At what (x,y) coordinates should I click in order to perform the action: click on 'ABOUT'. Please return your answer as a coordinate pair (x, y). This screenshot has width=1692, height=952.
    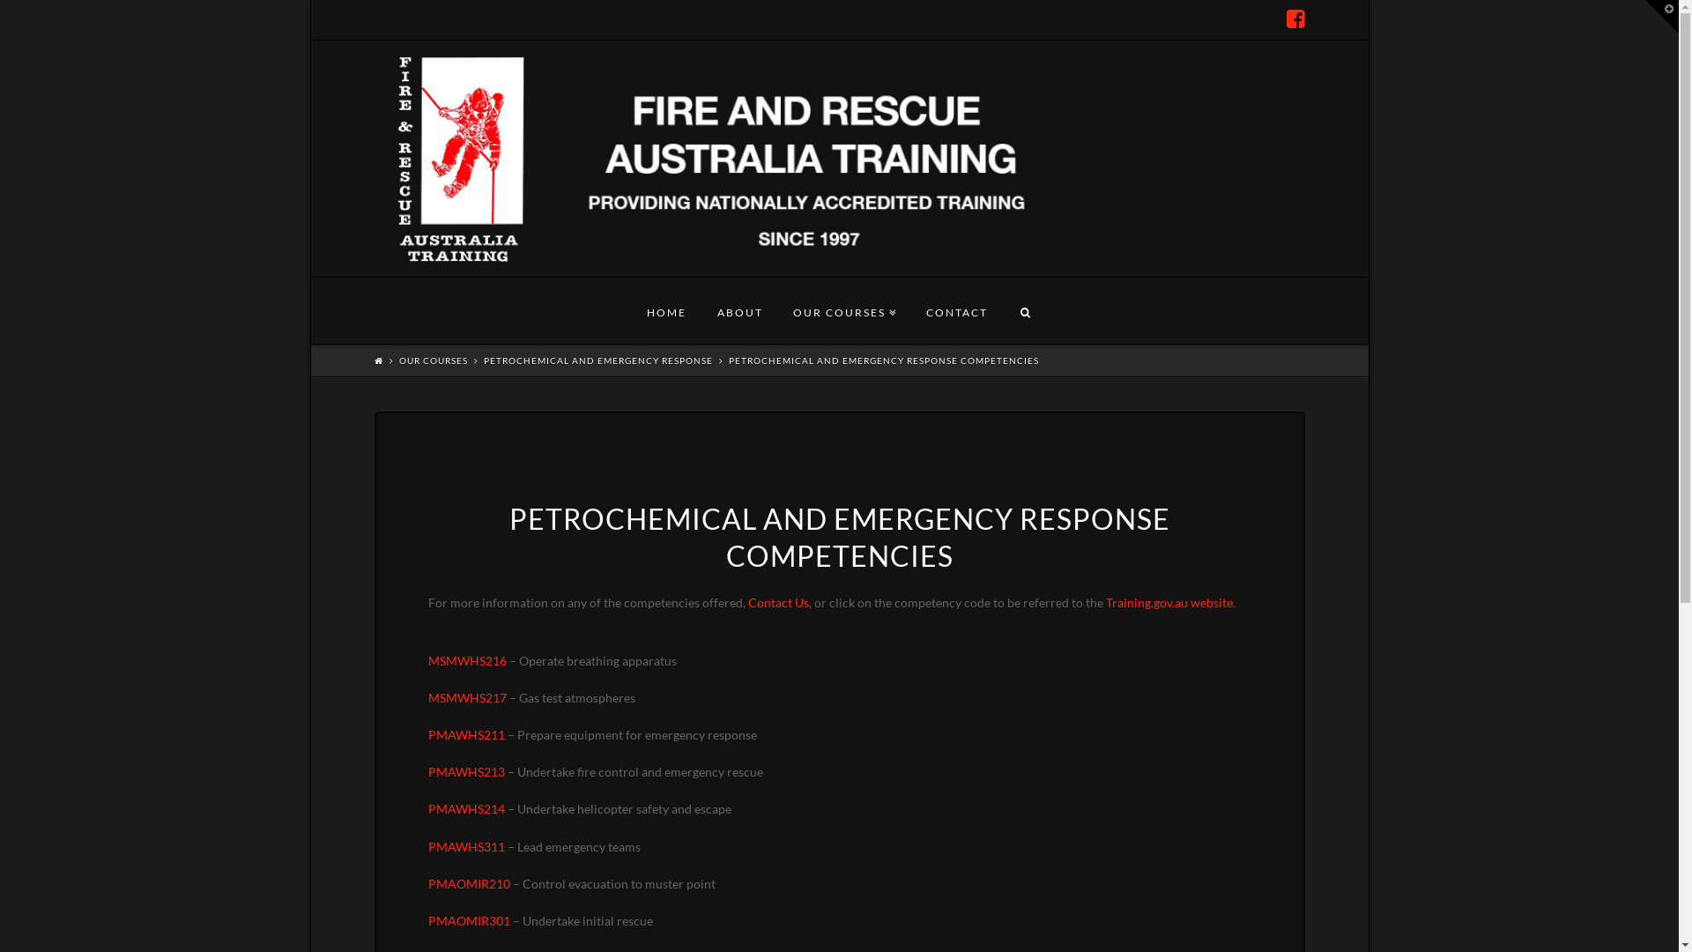
    Looking at the image, I should click on (739, 309).